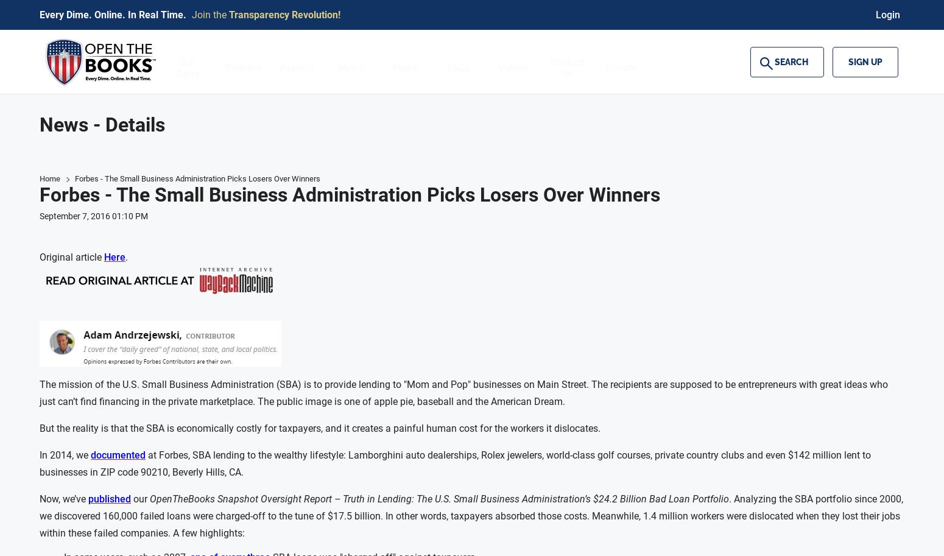 The width and height of the screenshot is (944, 556). I want to click on 'Home', so click(49, 177).